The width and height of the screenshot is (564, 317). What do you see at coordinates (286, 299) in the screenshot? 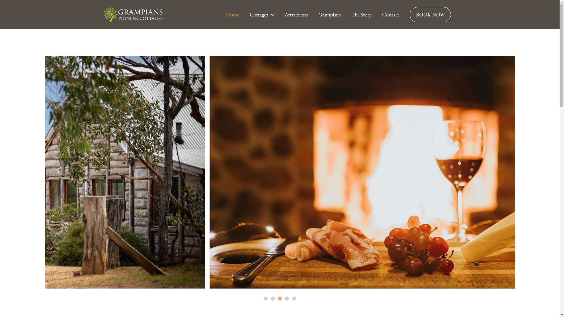
I see `'4'` at bounding box center [286, 299].